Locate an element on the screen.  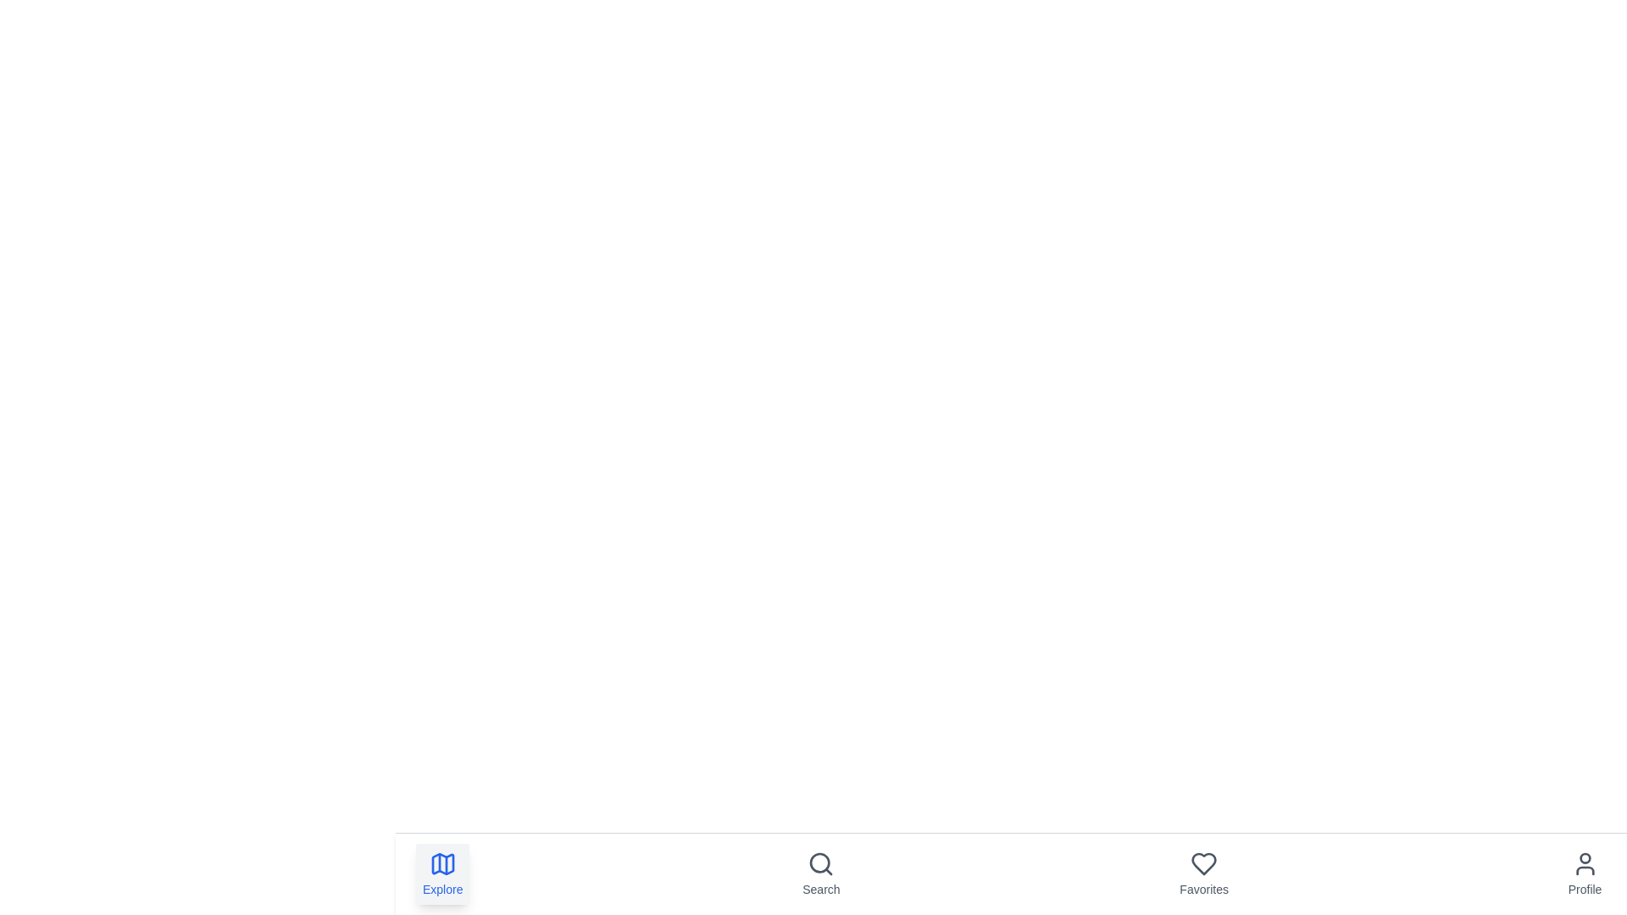
the navigation item labeled Search is located at coordinates (821, 874).